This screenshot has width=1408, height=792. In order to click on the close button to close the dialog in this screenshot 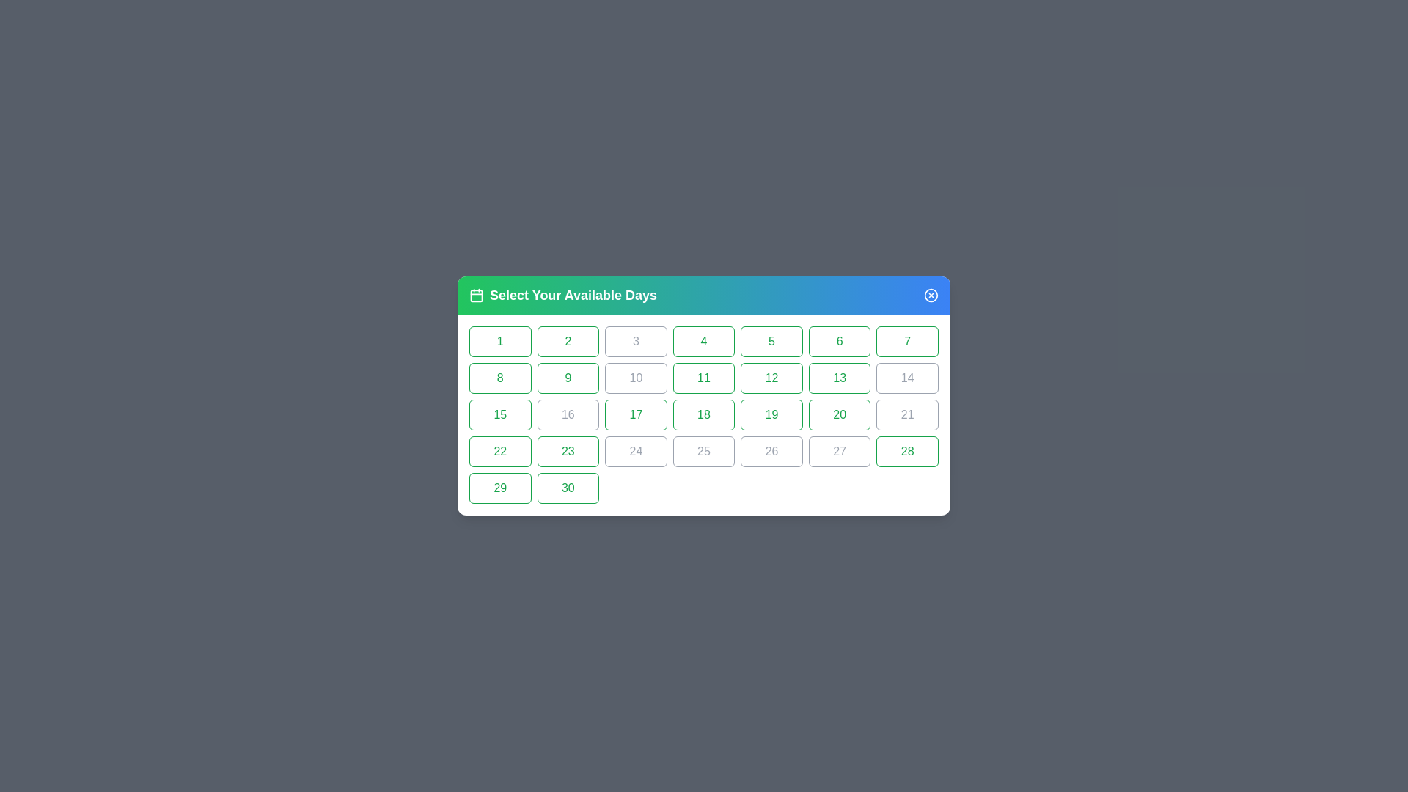, I will do `click(931, 295)`.